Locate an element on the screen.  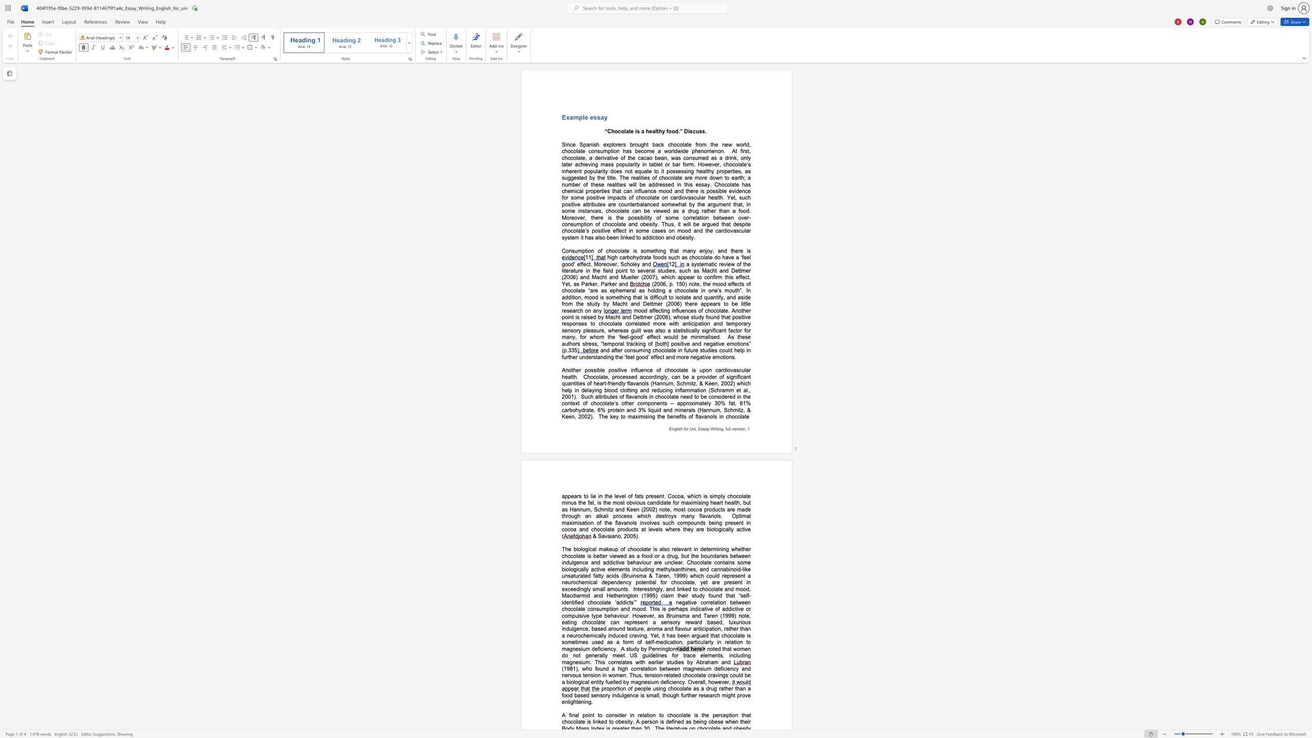
the subset text "ly 30% fat, 61% carbohydrate, 6% protein and 3% liquid and minerals (Hannum, Sch" within the text "Such attributes of flavanols in chocolate need to be considered in the context of chocolate’s other components – approximately 30% fat, 61% carbohydrate, 6% protein and 3% liquid and minerals (Hannum, Sch" is located at coordinates (706, 403).